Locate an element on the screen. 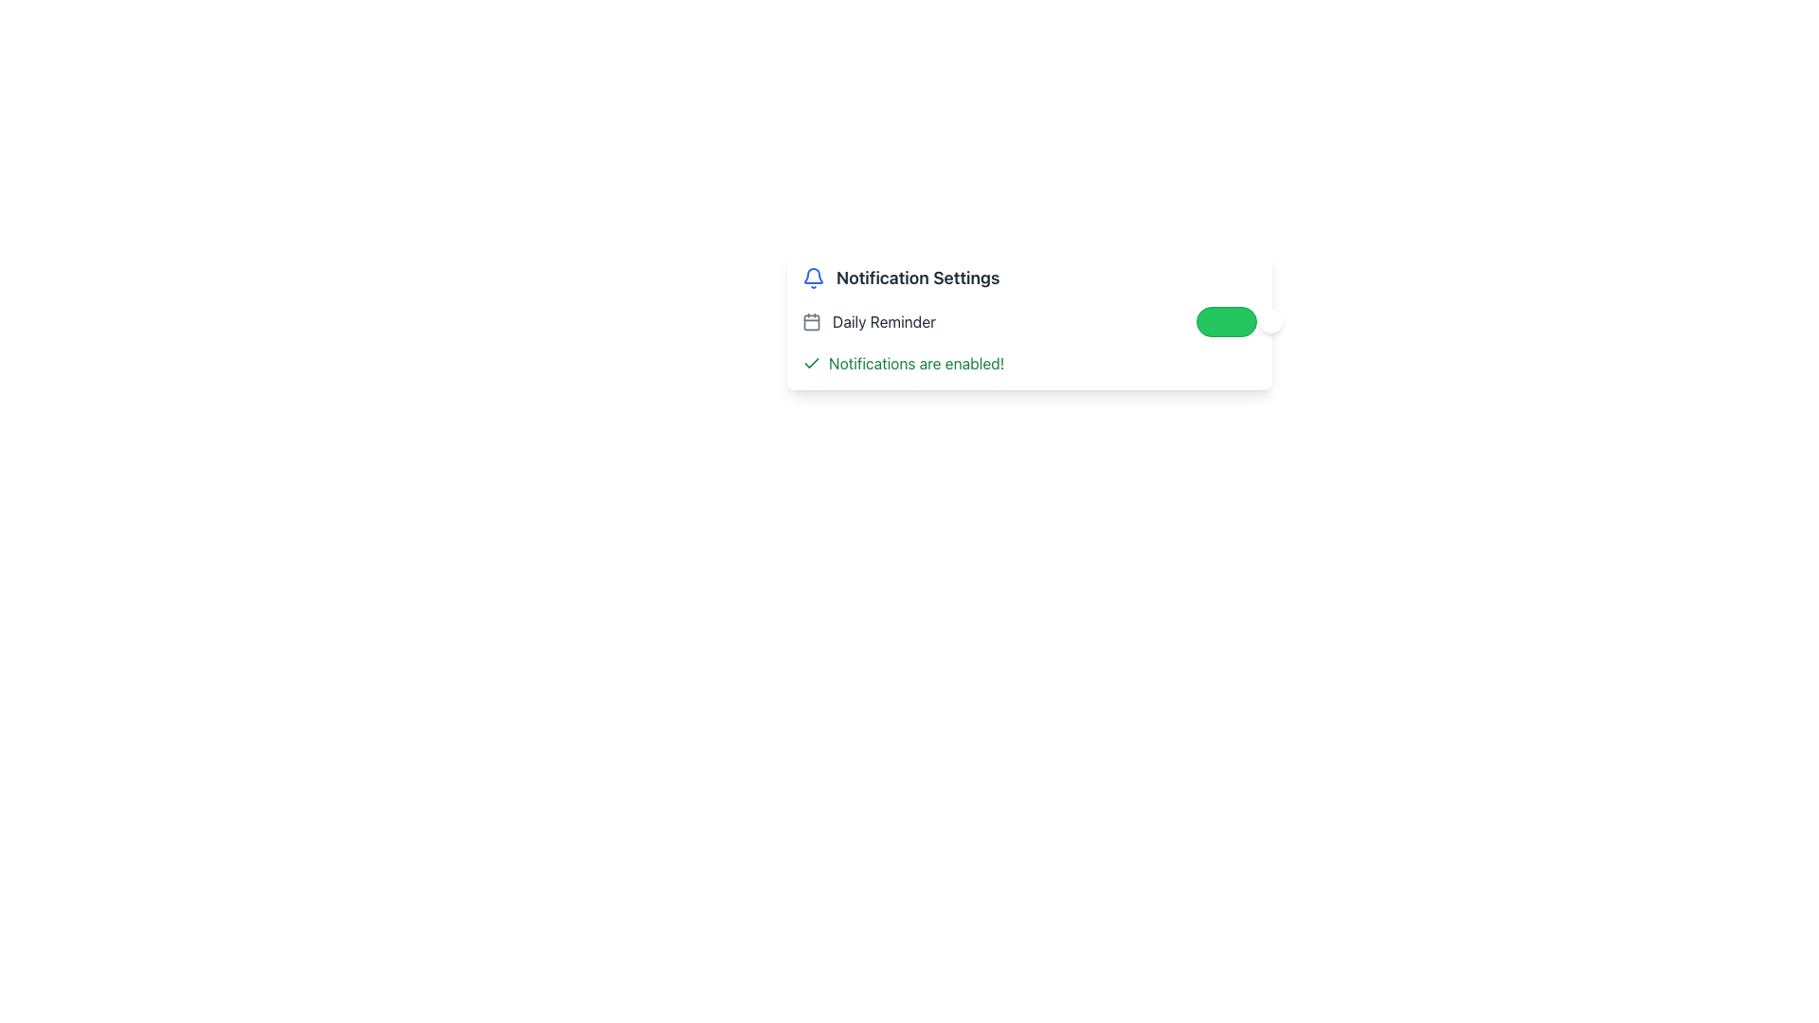 This screenshot has height=1023, width=1819. the circular toggle handle located on the far right side of the toggle switch is located at coordinates (1271, 320).